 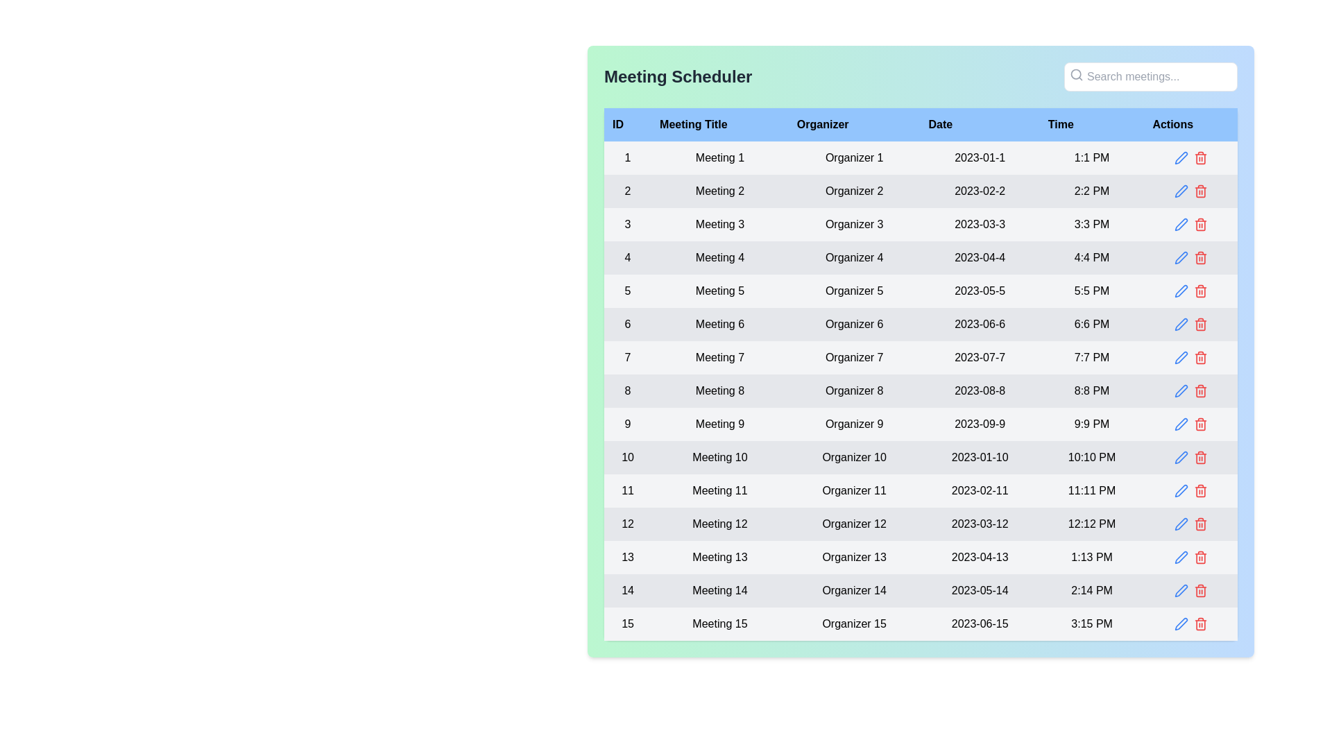 I want to click on the table cell containing the text 'Organizer 4', so click(x=853, y=257).